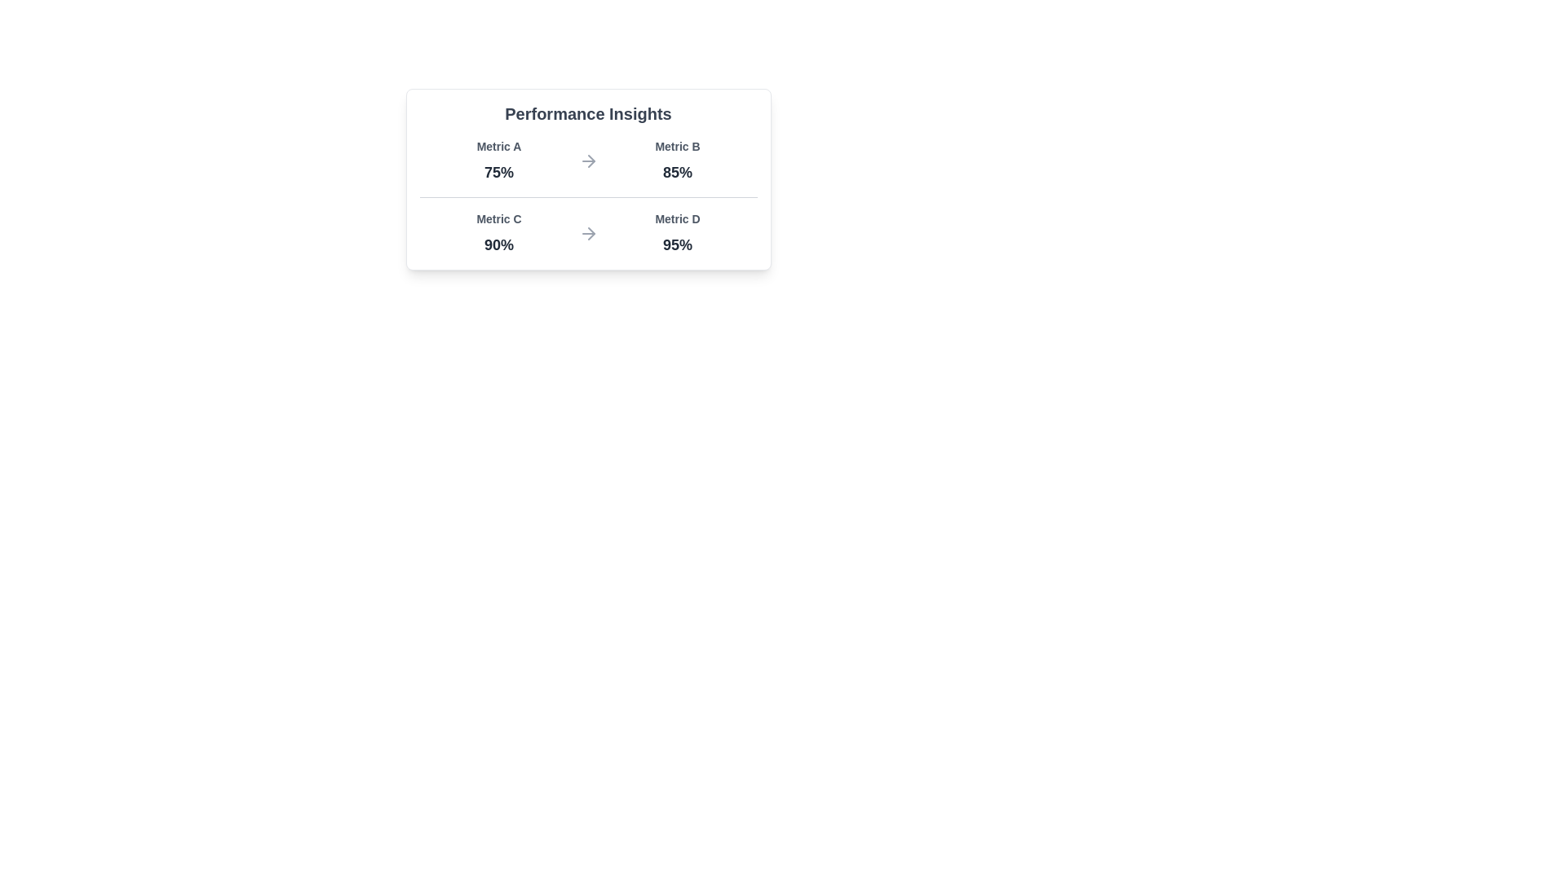  Describe the element at coordinates (677, 233) in the screenshot. I see `the Text display showing 'Metric D' and '95%' for additional interaction` at that location.